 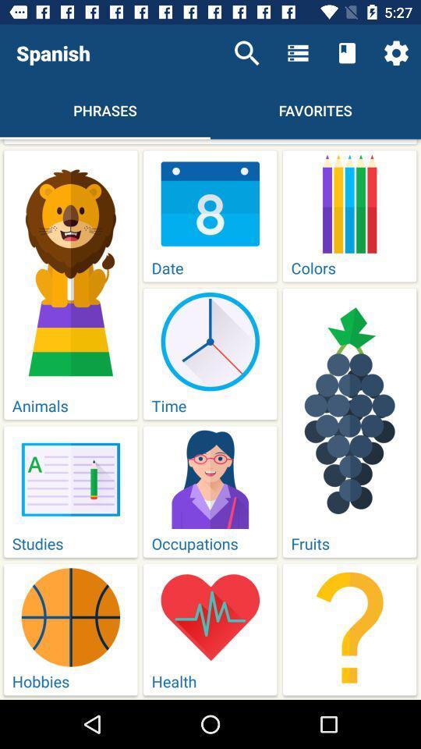 What do you see at coordinates (246, 53) in the screenshot?
I see `the icon to the right of spanish` at bounding box center [246, 53].